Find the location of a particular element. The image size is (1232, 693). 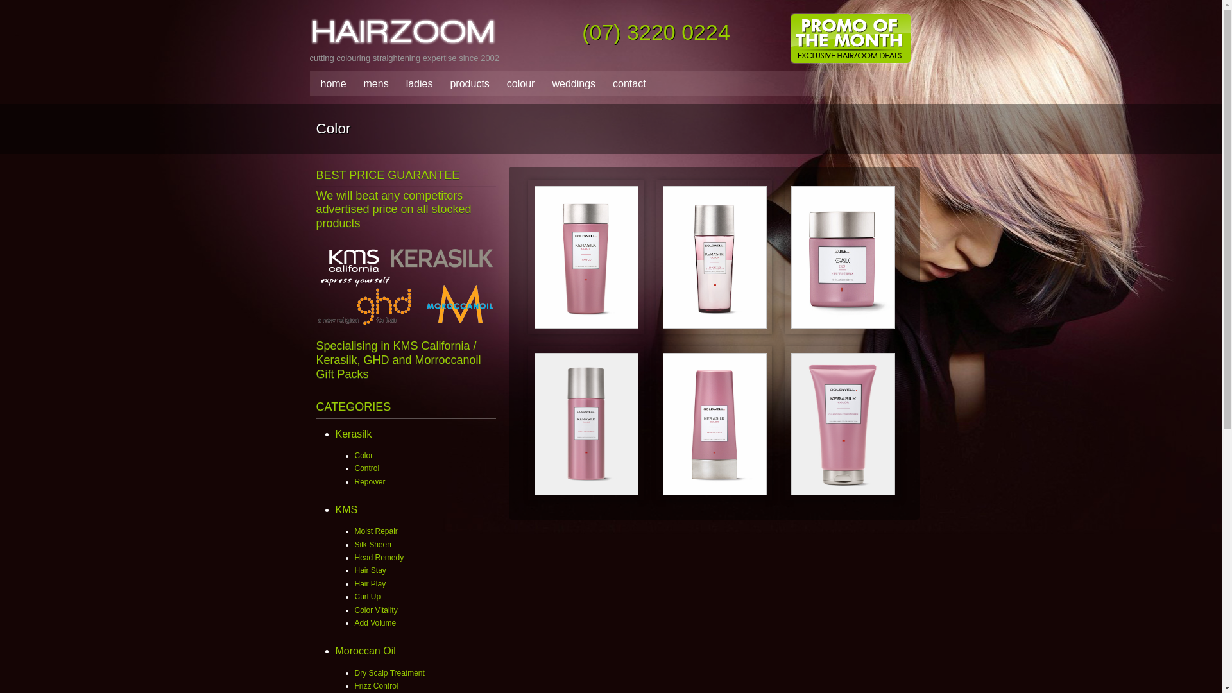

'Hair Play' is located at coordinates (369, 584).